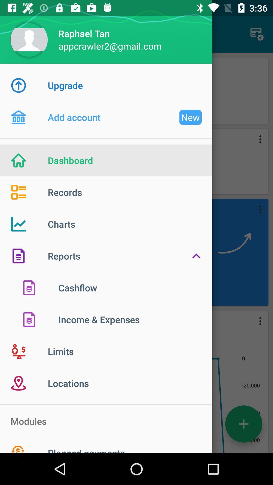 This screenshot has height=485, width=273. Describe the element at coordinates (257, 34) in the screenshot. I see `the icon on top right` at that location.